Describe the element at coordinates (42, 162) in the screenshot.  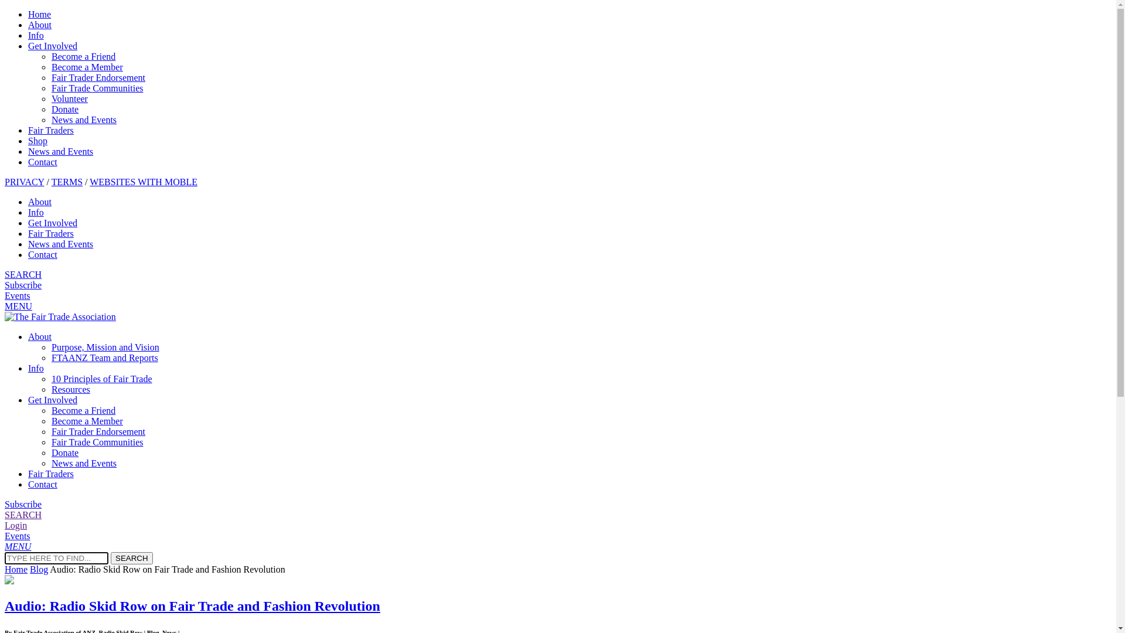
I see `'Contact'` at that location.